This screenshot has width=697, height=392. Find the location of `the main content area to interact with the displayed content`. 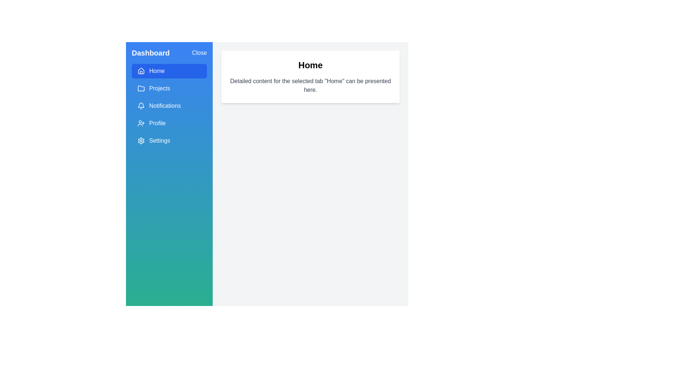

the main content area to interact with the displayed content is located at coordinates (310, 238).